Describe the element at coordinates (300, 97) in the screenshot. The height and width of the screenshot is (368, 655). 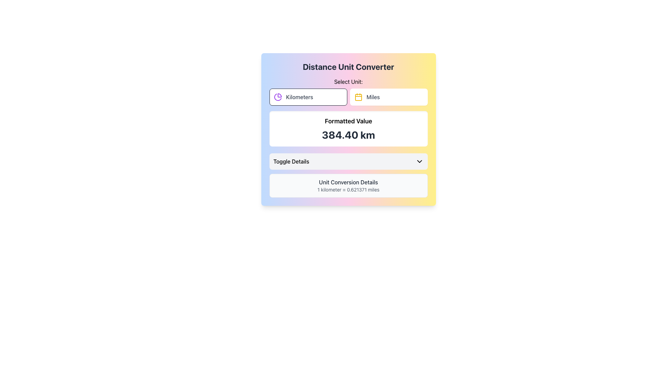
I see `the Static Text element displaying 'Kilometers', which is styled with medium-weight gray font and is located to the right of a small pie chart icon in the 'Select Unit' section of the interface` at that location.